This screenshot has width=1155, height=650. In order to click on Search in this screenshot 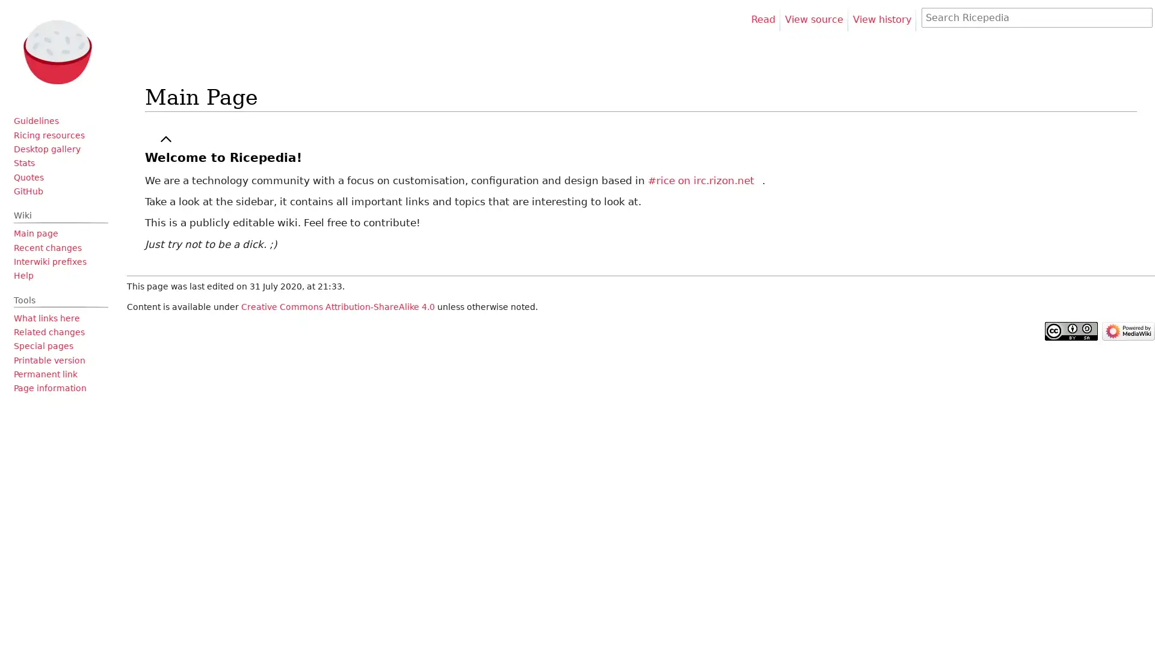, I will do `click(1142, 17)`.